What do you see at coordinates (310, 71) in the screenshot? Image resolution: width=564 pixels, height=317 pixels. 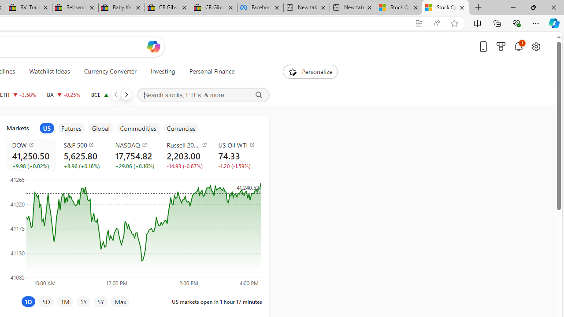 I see `'Personalize'` at bounding box center [310, 71].